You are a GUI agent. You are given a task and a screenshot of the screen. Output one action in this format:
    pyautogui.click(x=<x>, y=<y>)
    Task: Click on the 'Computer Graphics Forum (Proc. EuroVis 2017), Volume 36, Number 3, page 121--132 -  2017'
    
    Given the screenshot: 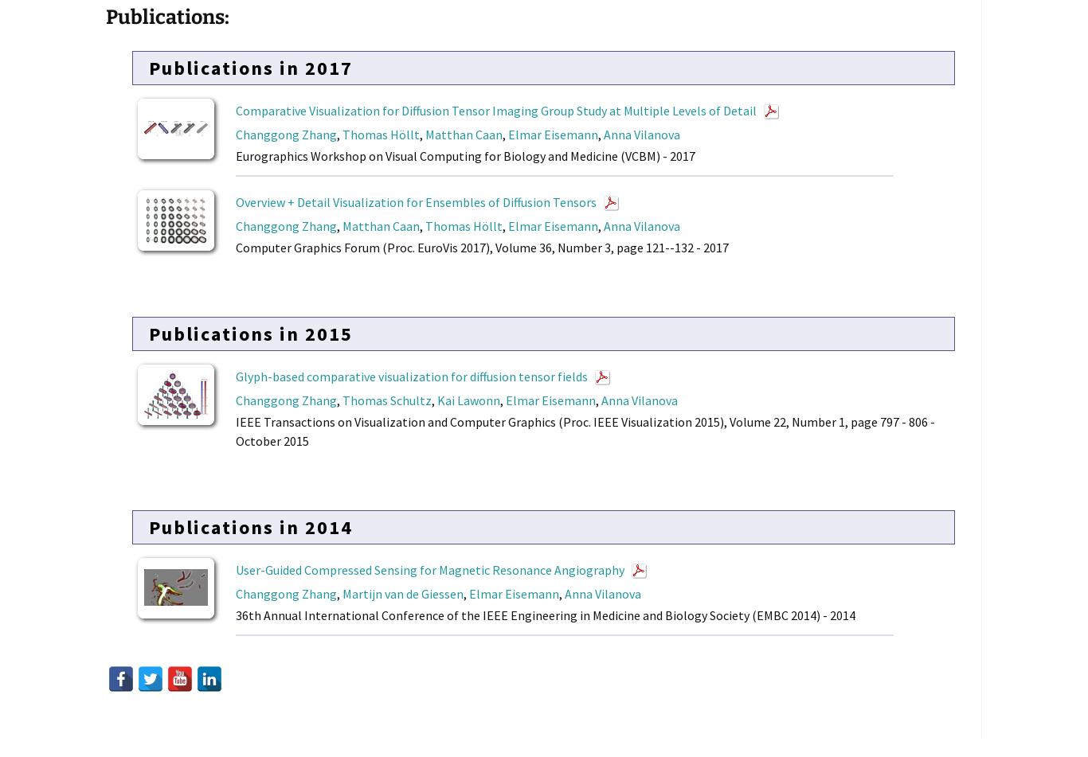 What is the action you would take?
    pyautogui.click(x=480, y=247)
    